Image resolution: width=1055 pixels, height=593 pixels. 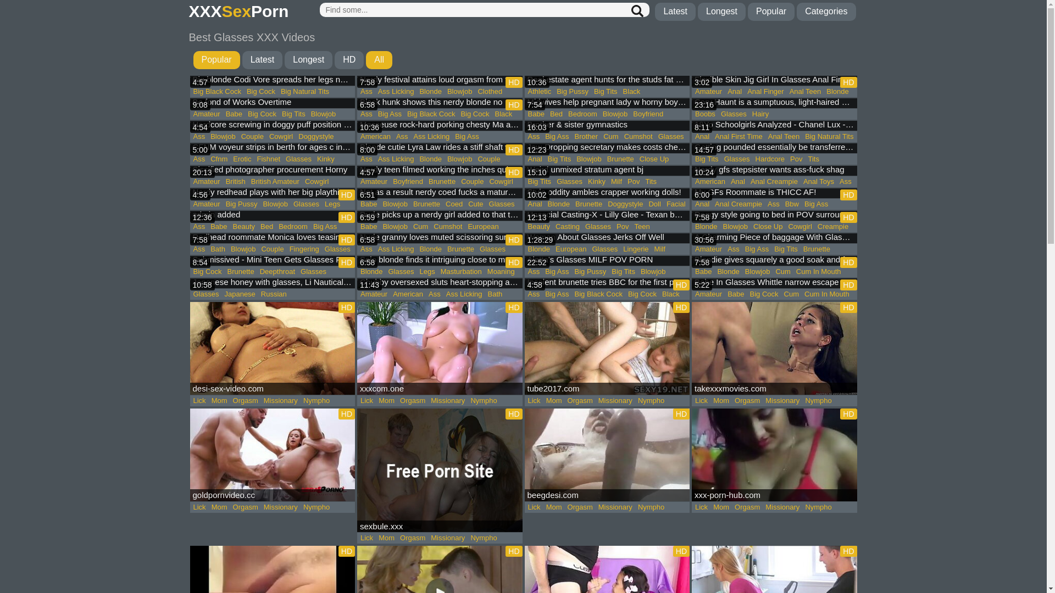 What do you see at coordinates (245, 400) in the screenshot?
I see `'Orgasm'` at bounding box center [245, 400].